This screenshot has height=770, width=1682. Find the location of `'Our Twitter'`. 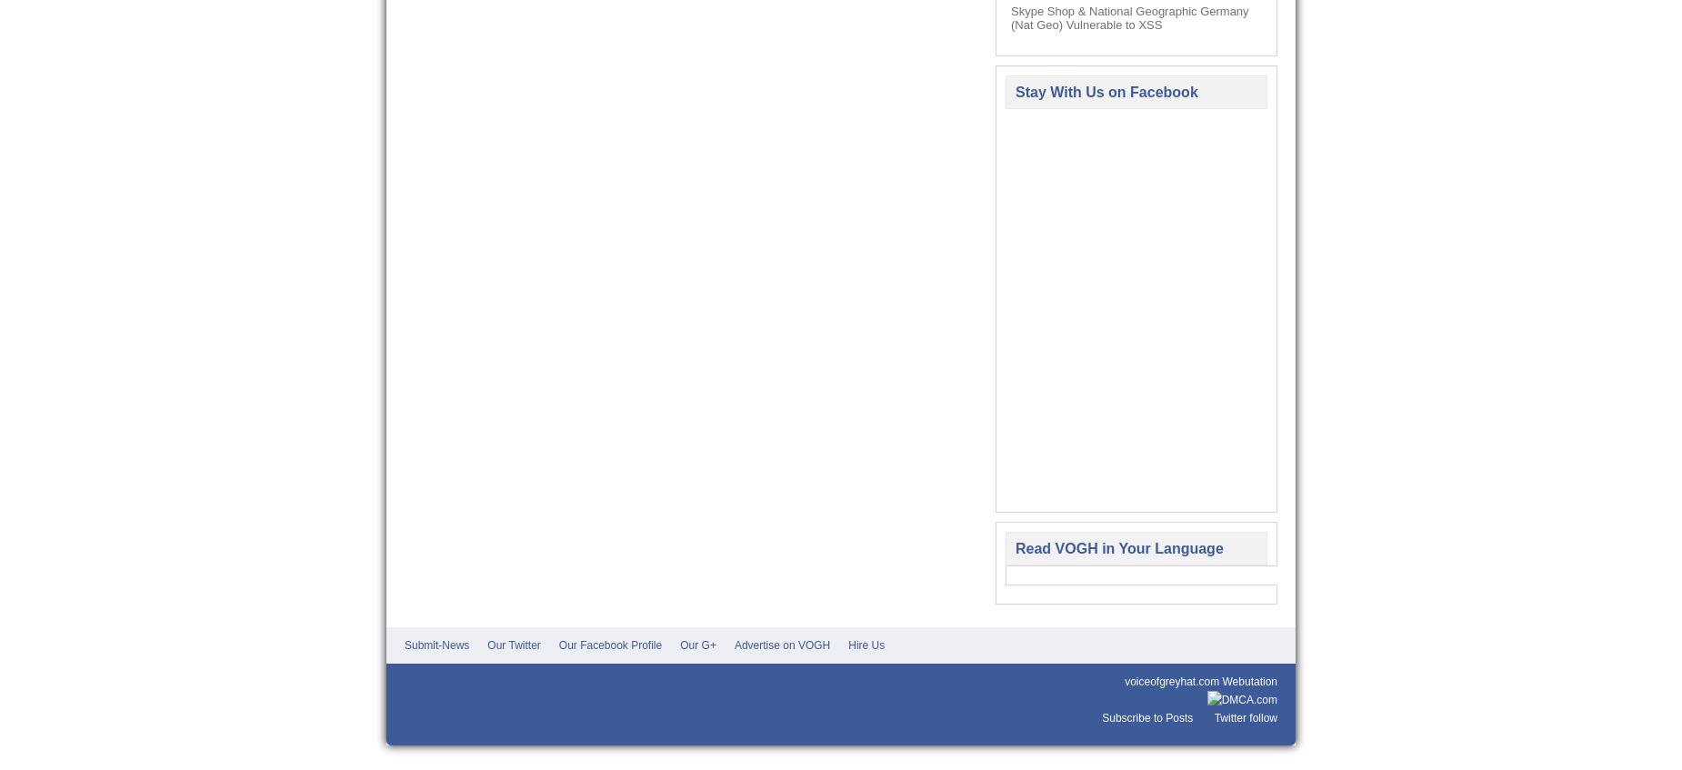

'Our Twitter' is located at coordinates (513, 645).